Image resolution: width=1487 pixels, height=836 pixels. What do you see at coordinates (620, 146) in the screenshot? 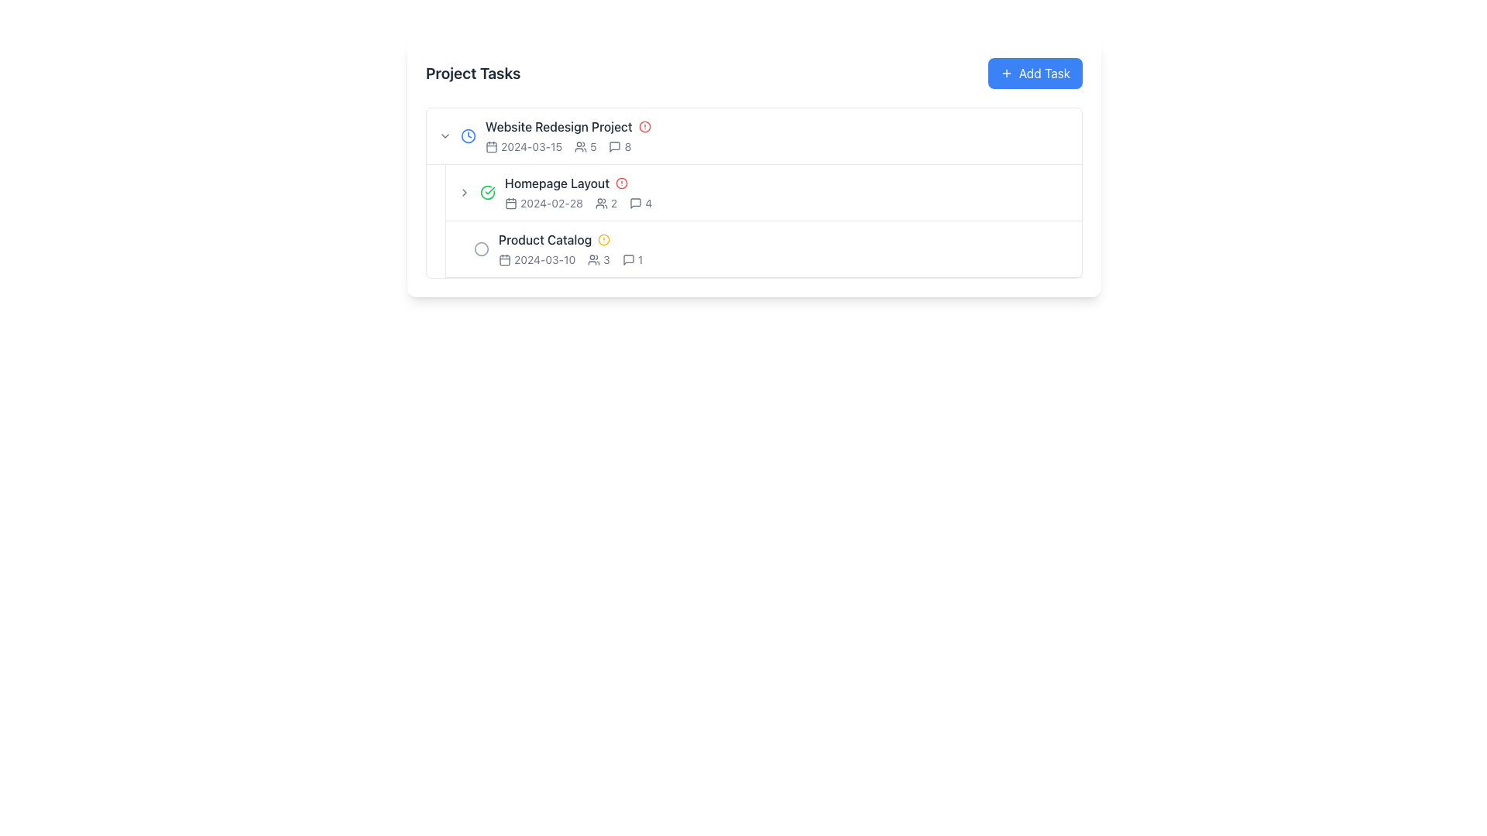
I see `number of comments from the text label located in the additional details section of the first row for the 'Website Redesign Project', positioned at the right of the row adjacent to other icons and counters` at bounding box center [620, 146].